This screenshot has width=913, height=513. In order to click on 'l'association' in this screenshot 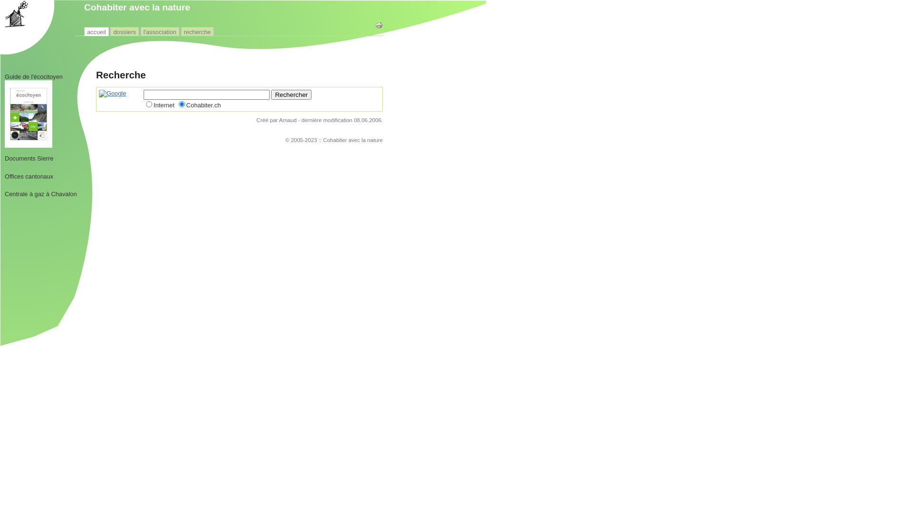, I will do `click(160, 31)`.